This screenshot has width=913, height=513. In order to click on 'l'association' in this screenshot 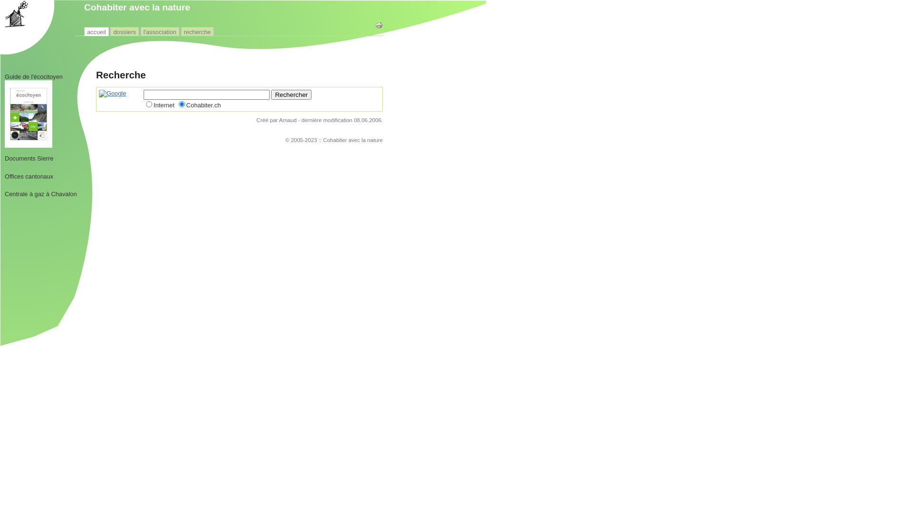, I will do `click(160, 31)`.